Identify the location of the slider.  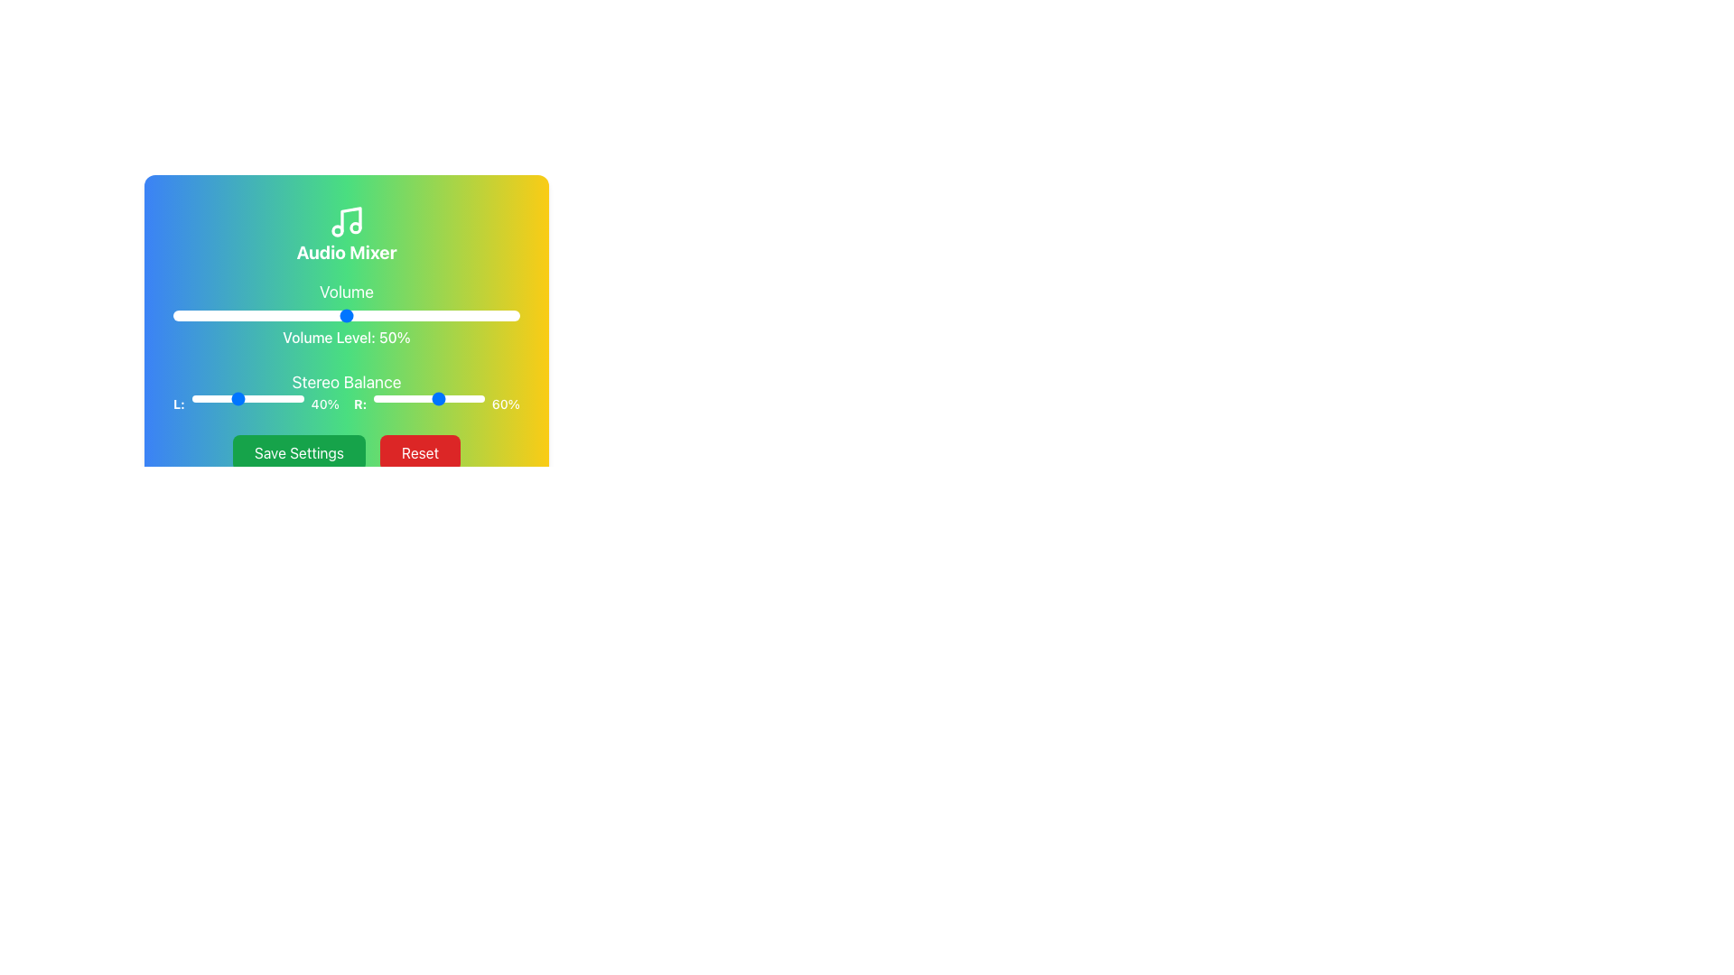
(289, 398).